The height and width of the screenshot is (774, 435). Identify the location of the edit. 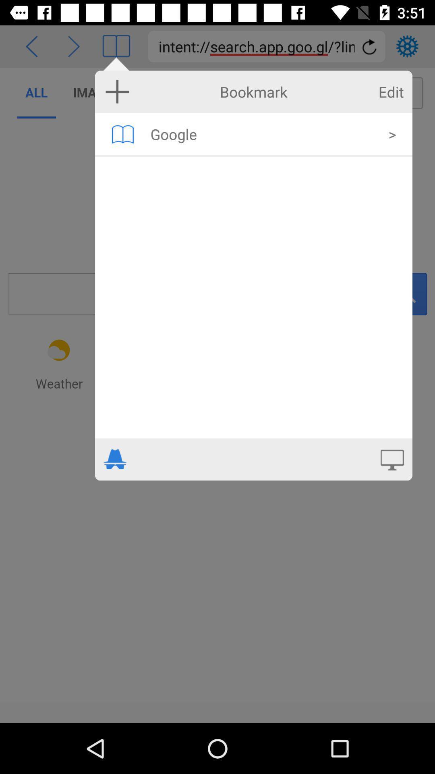
(391, 92).